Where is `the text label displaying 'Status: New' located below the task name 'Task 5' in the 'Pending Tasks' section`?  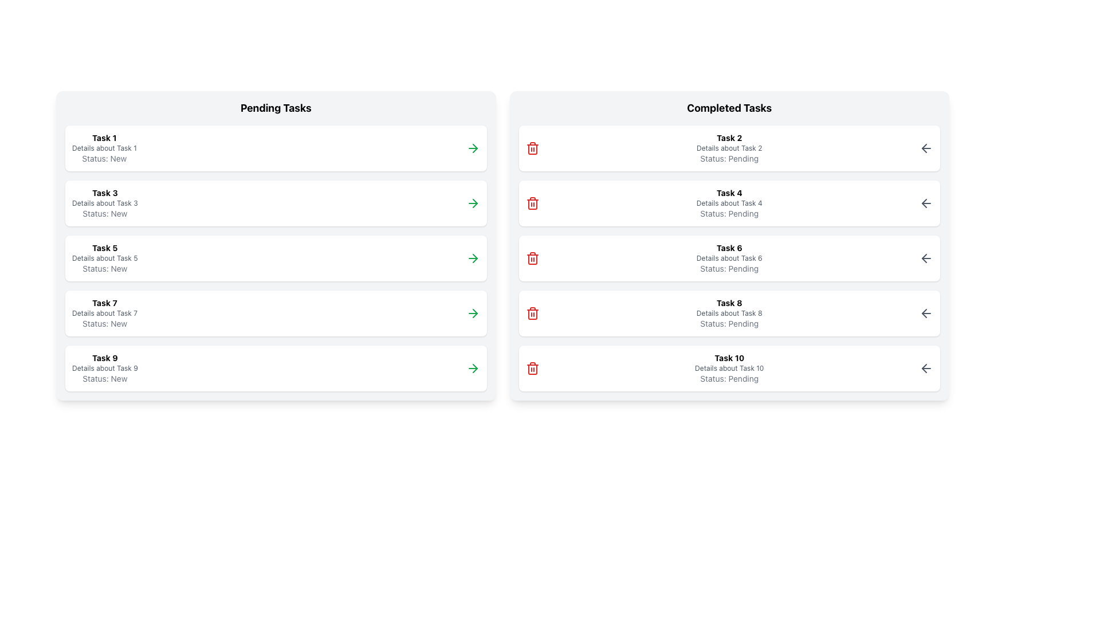 the text label displaying 'Status: New' located below the task name 'Task 5' in the 'Pending Tasks' section is located at coordinates (105, 268).